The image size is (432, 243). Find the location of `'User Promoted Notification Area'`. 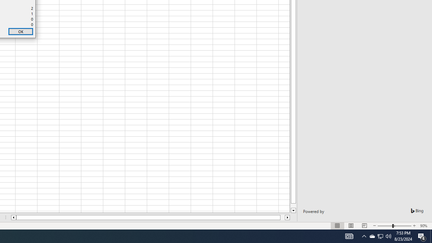

'User Promoted Notification Area' is located at coordinates (380, 236).